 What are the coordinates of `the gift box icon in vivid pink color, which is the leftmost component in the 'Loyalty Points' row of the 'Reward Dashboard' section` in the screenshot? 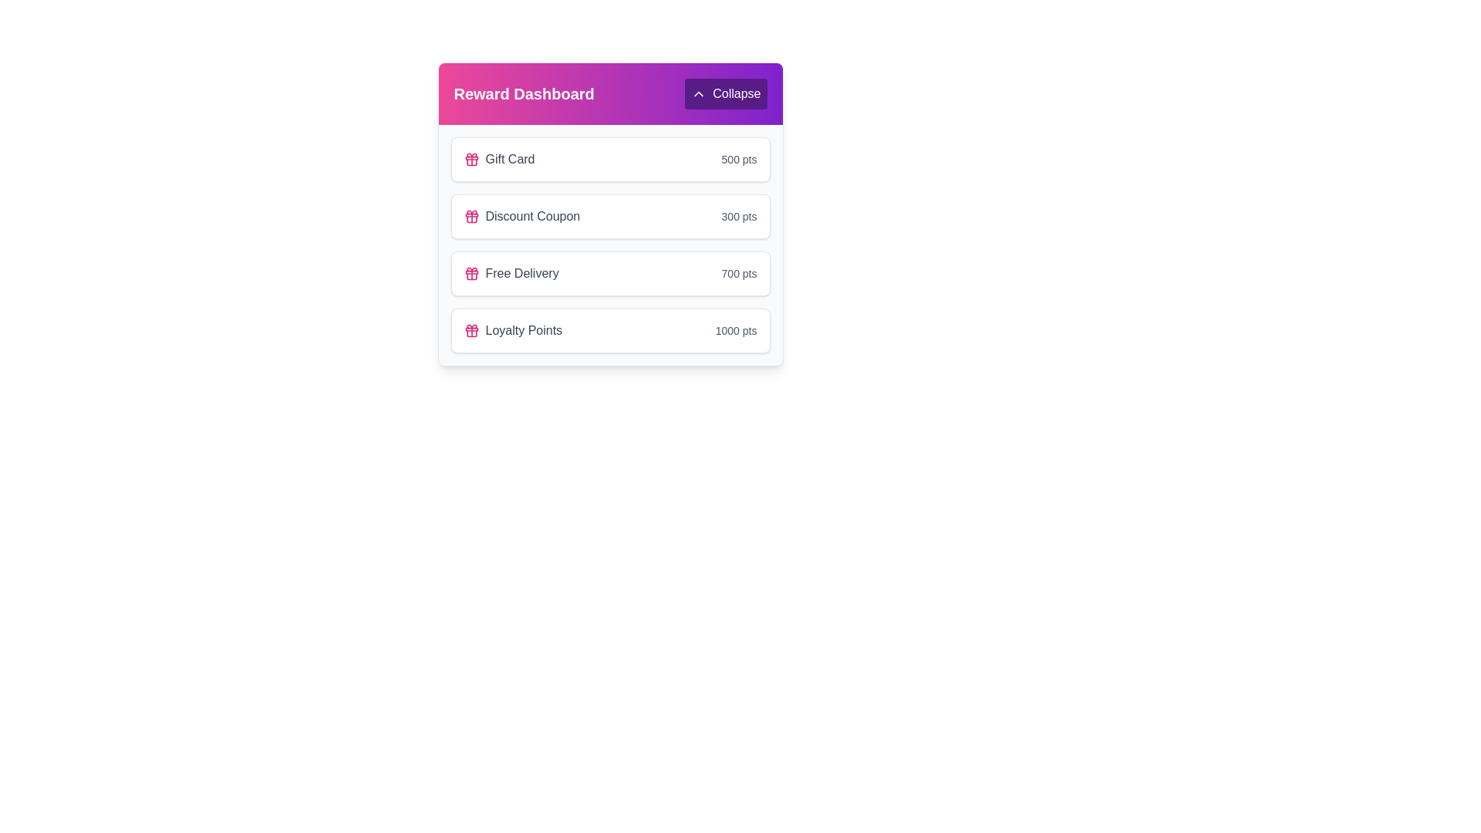 It's located at (471, 329).